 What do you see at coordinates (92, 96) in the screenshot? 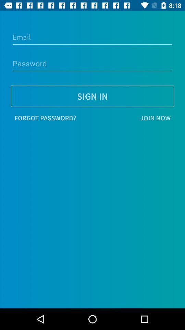
I see `icon above the forgot password? item` at bounding box center [92, 96].